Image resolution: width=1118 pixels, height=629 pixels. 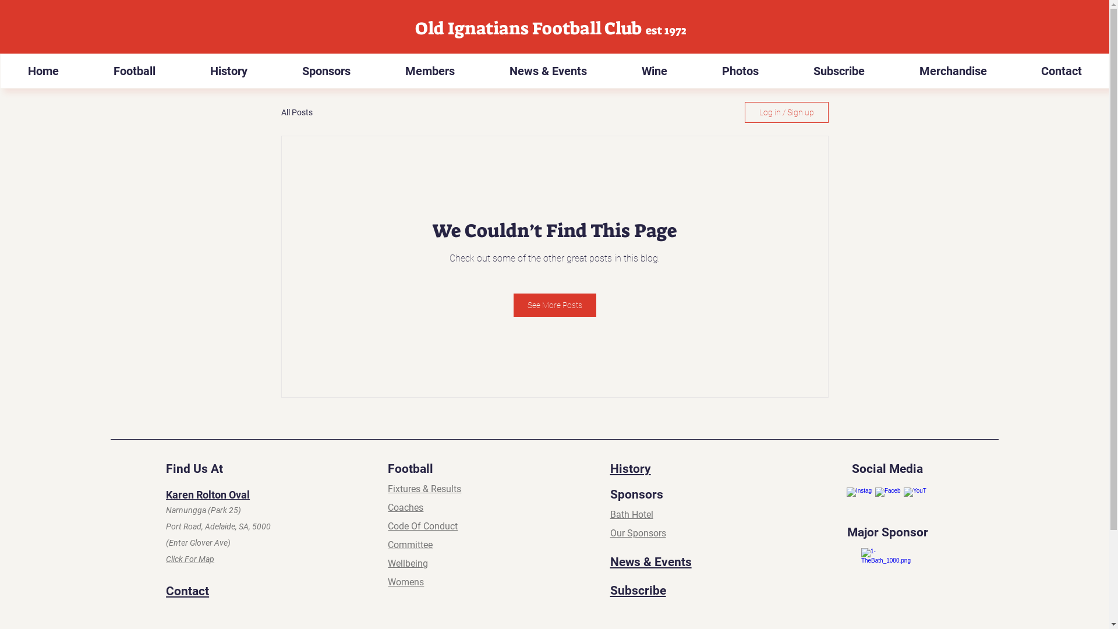 I want to click on 'News & Events', so click(x=650, y=561).